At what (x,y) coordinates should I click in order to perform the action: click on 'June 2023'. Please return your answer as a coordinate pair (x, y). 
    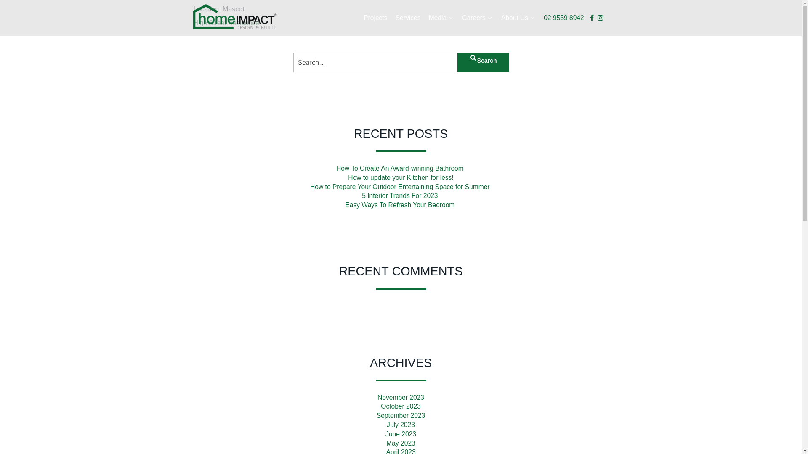
    Looking at the image, I should click on (400, 434).